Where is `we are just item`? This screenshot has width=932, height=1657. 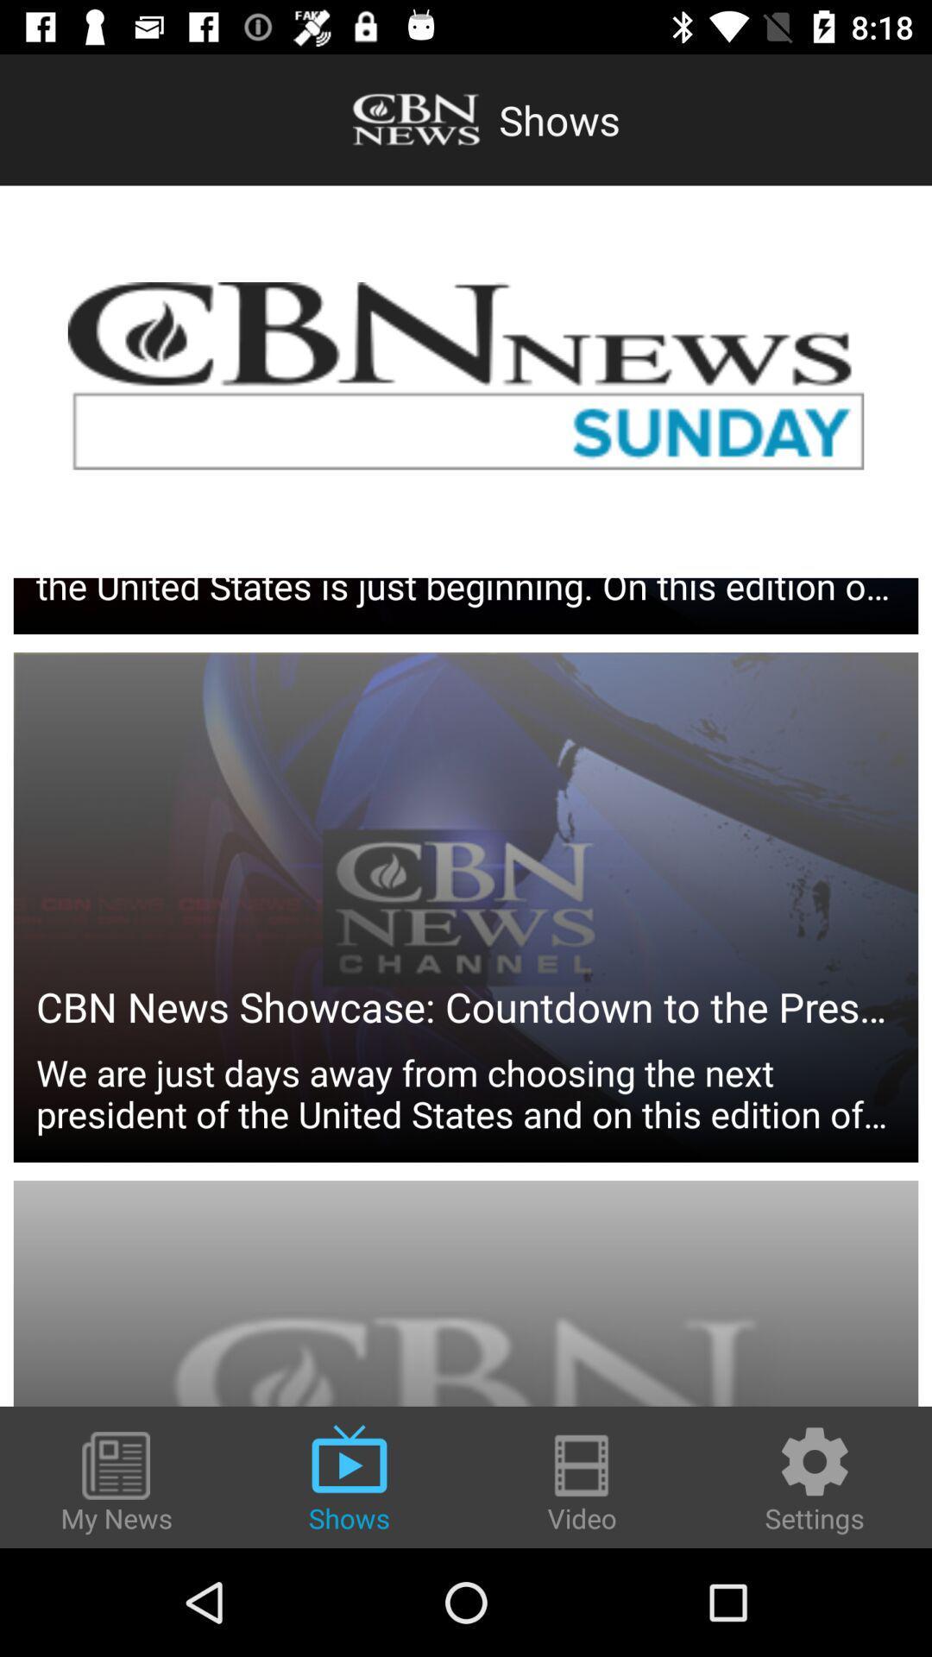 we are just item is located at coordinates (466, 948).